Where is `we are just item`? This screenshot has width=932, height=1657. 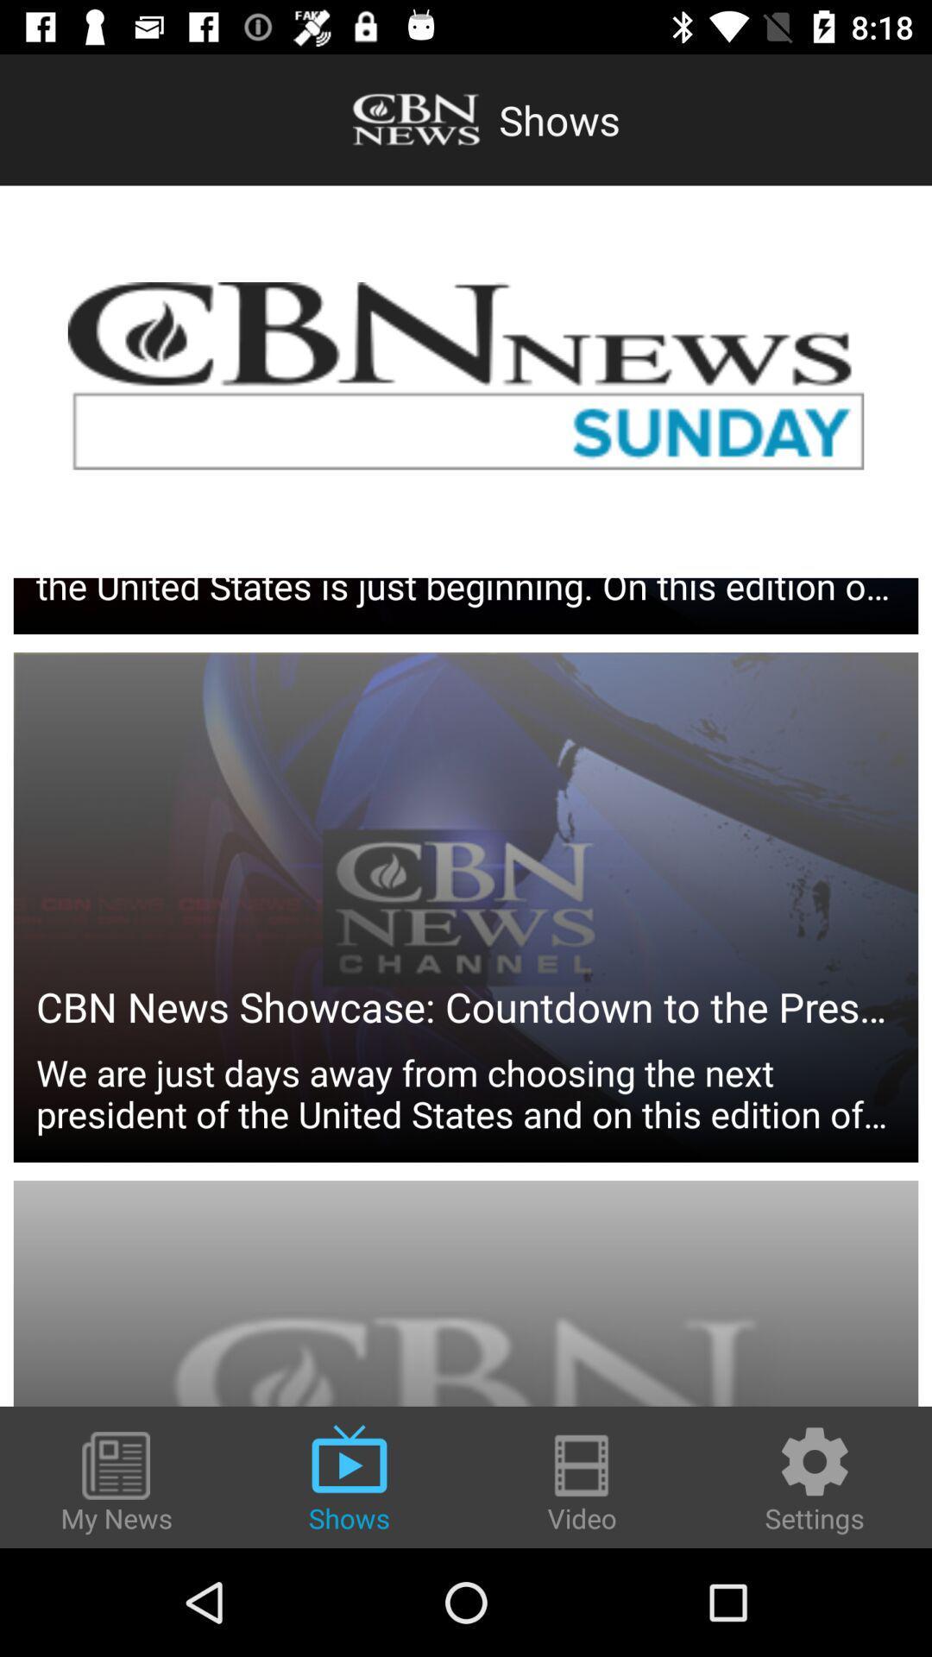 we are just item is located at coordinates (466, 948).